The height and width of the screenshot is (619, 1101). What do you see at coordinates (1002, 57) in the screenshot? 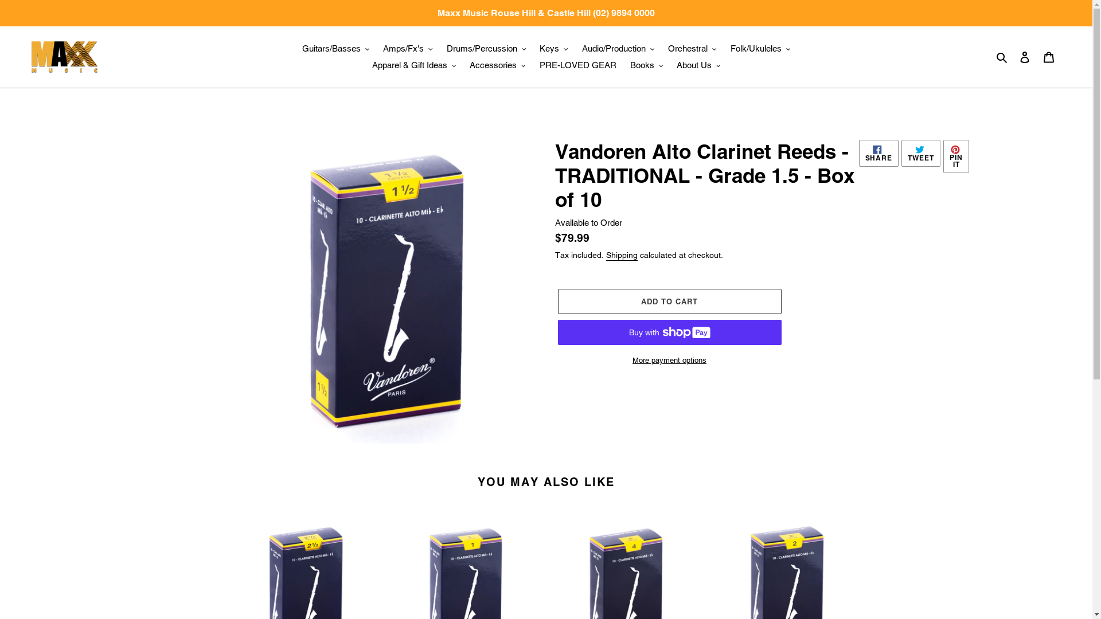
I see `'Search'` at bounding box center [1002, 57].